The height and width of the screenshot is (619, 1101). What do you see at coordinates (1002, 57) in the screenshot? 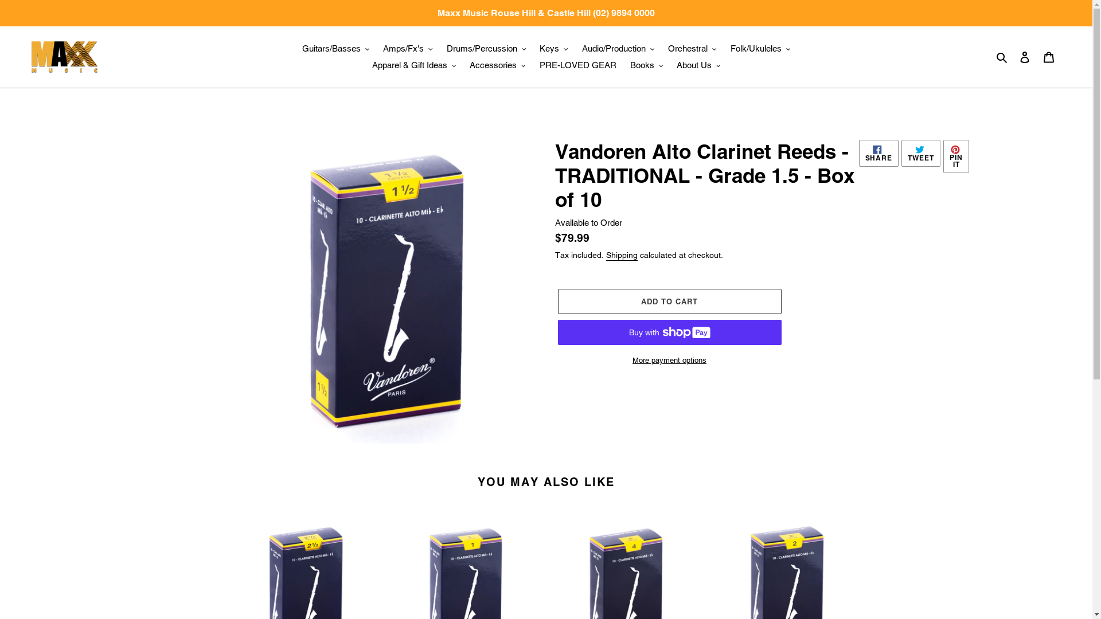
I see `'Search'` at bounding box center [1002, 57].